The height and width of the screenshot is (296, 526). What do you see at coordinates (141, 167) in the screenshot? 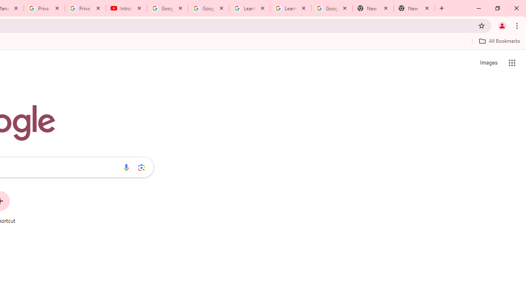
I see `'Search by image'` at bounding box center [141, 167].